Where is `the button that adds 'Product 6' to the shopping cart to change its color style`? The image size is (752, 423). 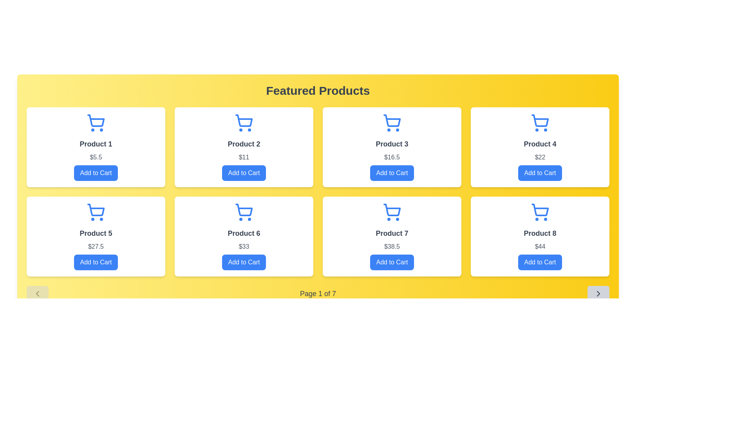 the button that adds 'Product 6' to the shopping cart to change its color style is located at coordinates (244, 262).